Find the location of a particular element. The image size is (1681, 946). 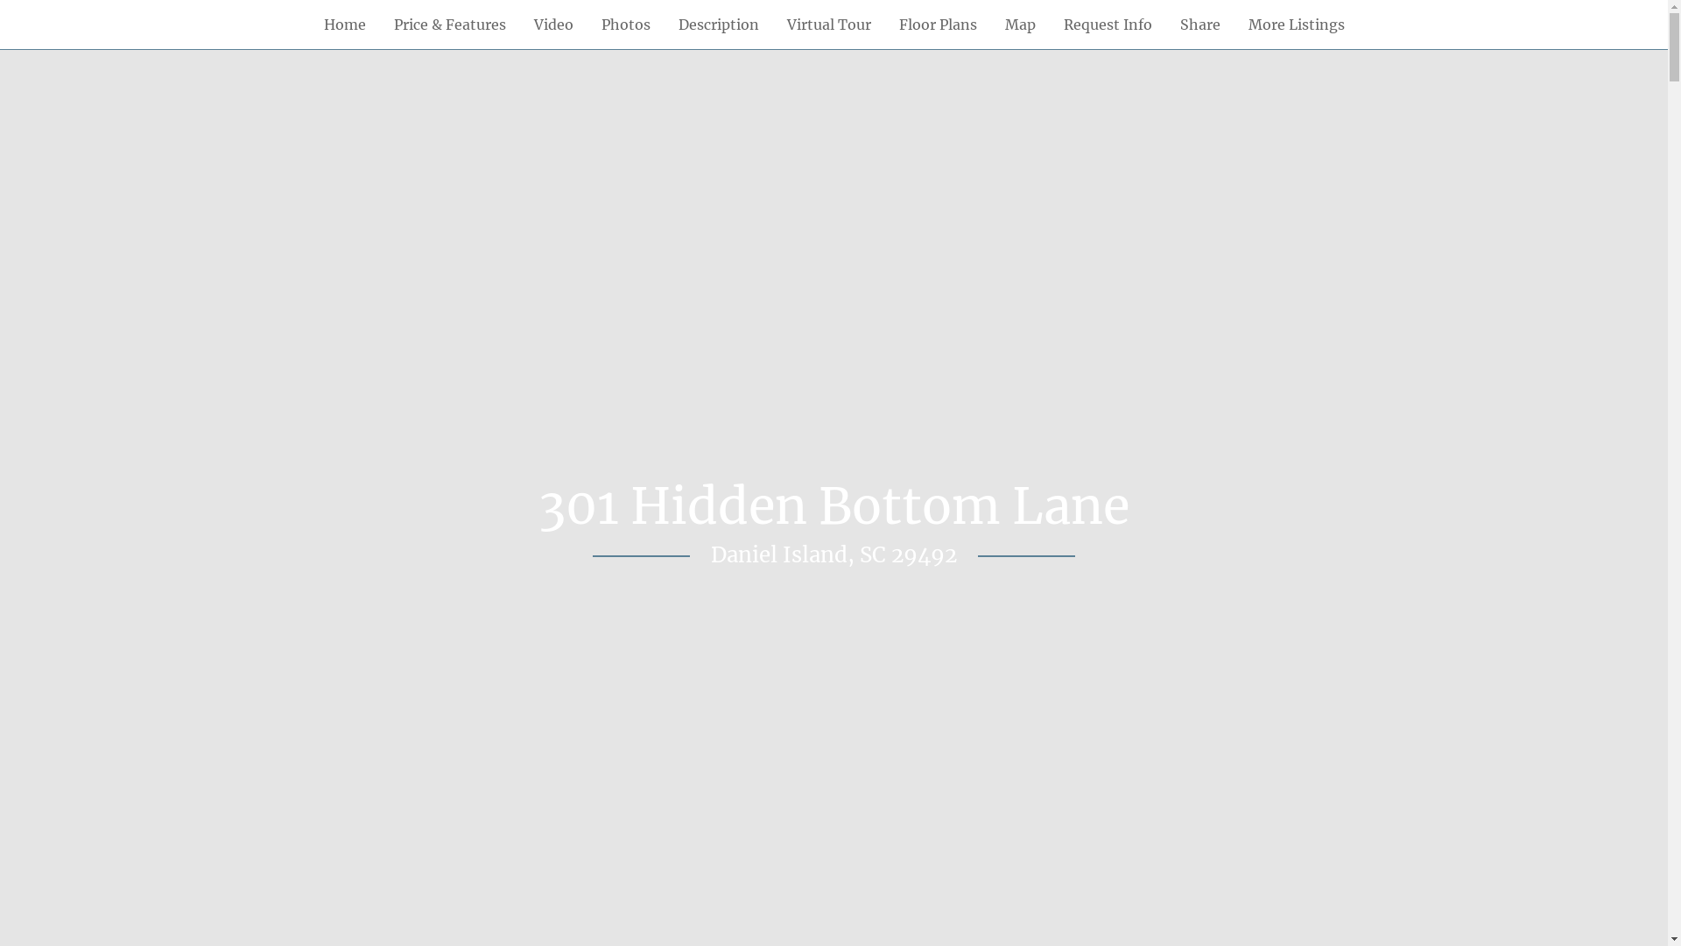

'Share' is located at coordinates (1199, 24).